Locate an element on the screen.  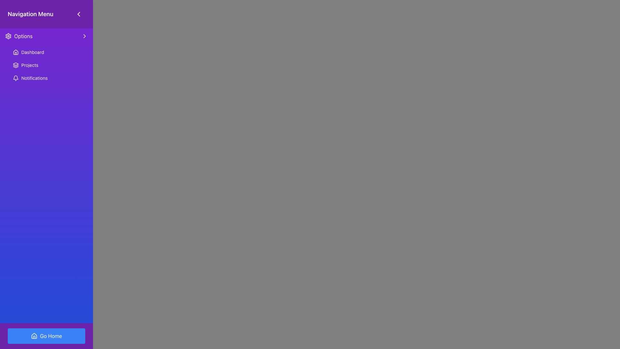
the 'Options' text label is located at coordinates (23, 36).